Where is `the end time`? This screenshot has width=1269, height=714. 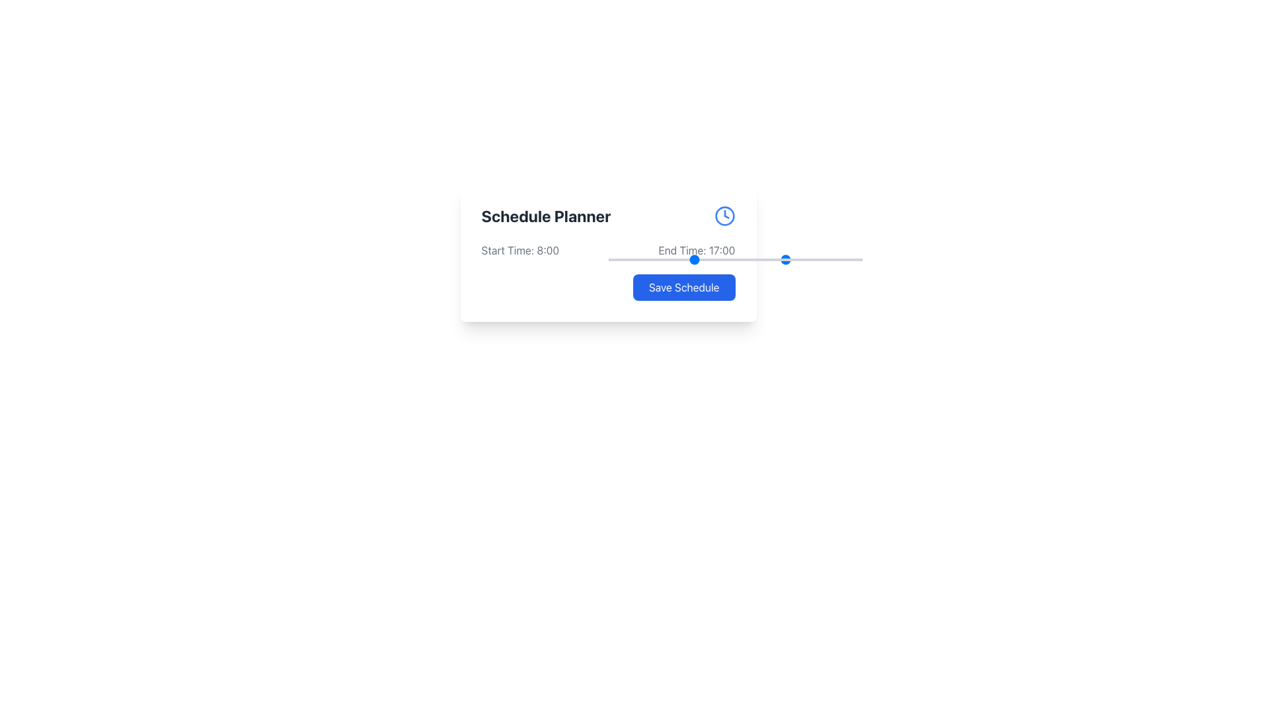
the end time is located at coordinates (724, 260).